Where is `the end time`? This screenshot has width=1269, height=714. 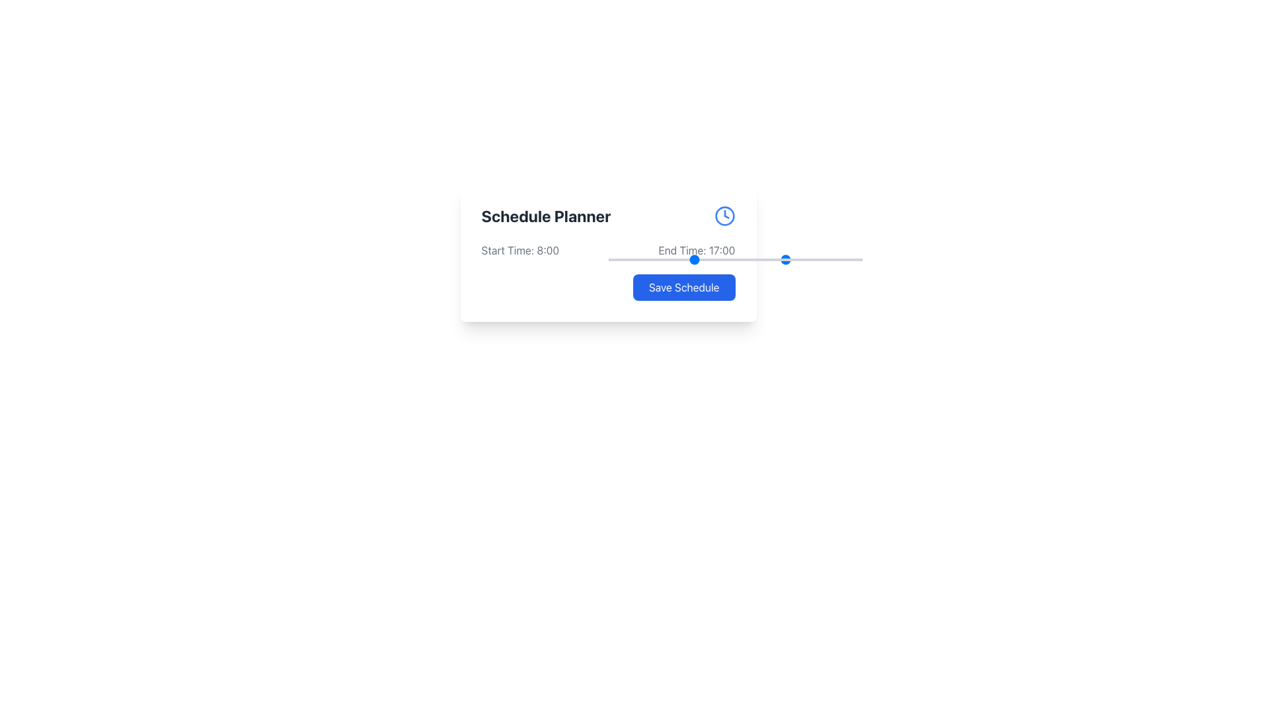
the end time is located at coordinates (724, 260).